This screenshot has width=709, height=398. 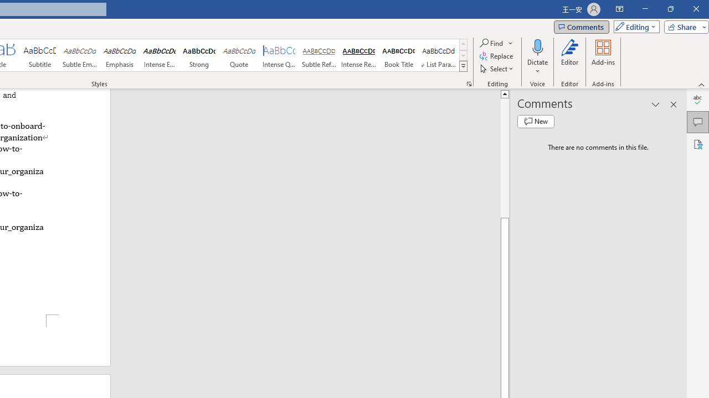 I want to click on 'Find', so click(x=496, y=43).